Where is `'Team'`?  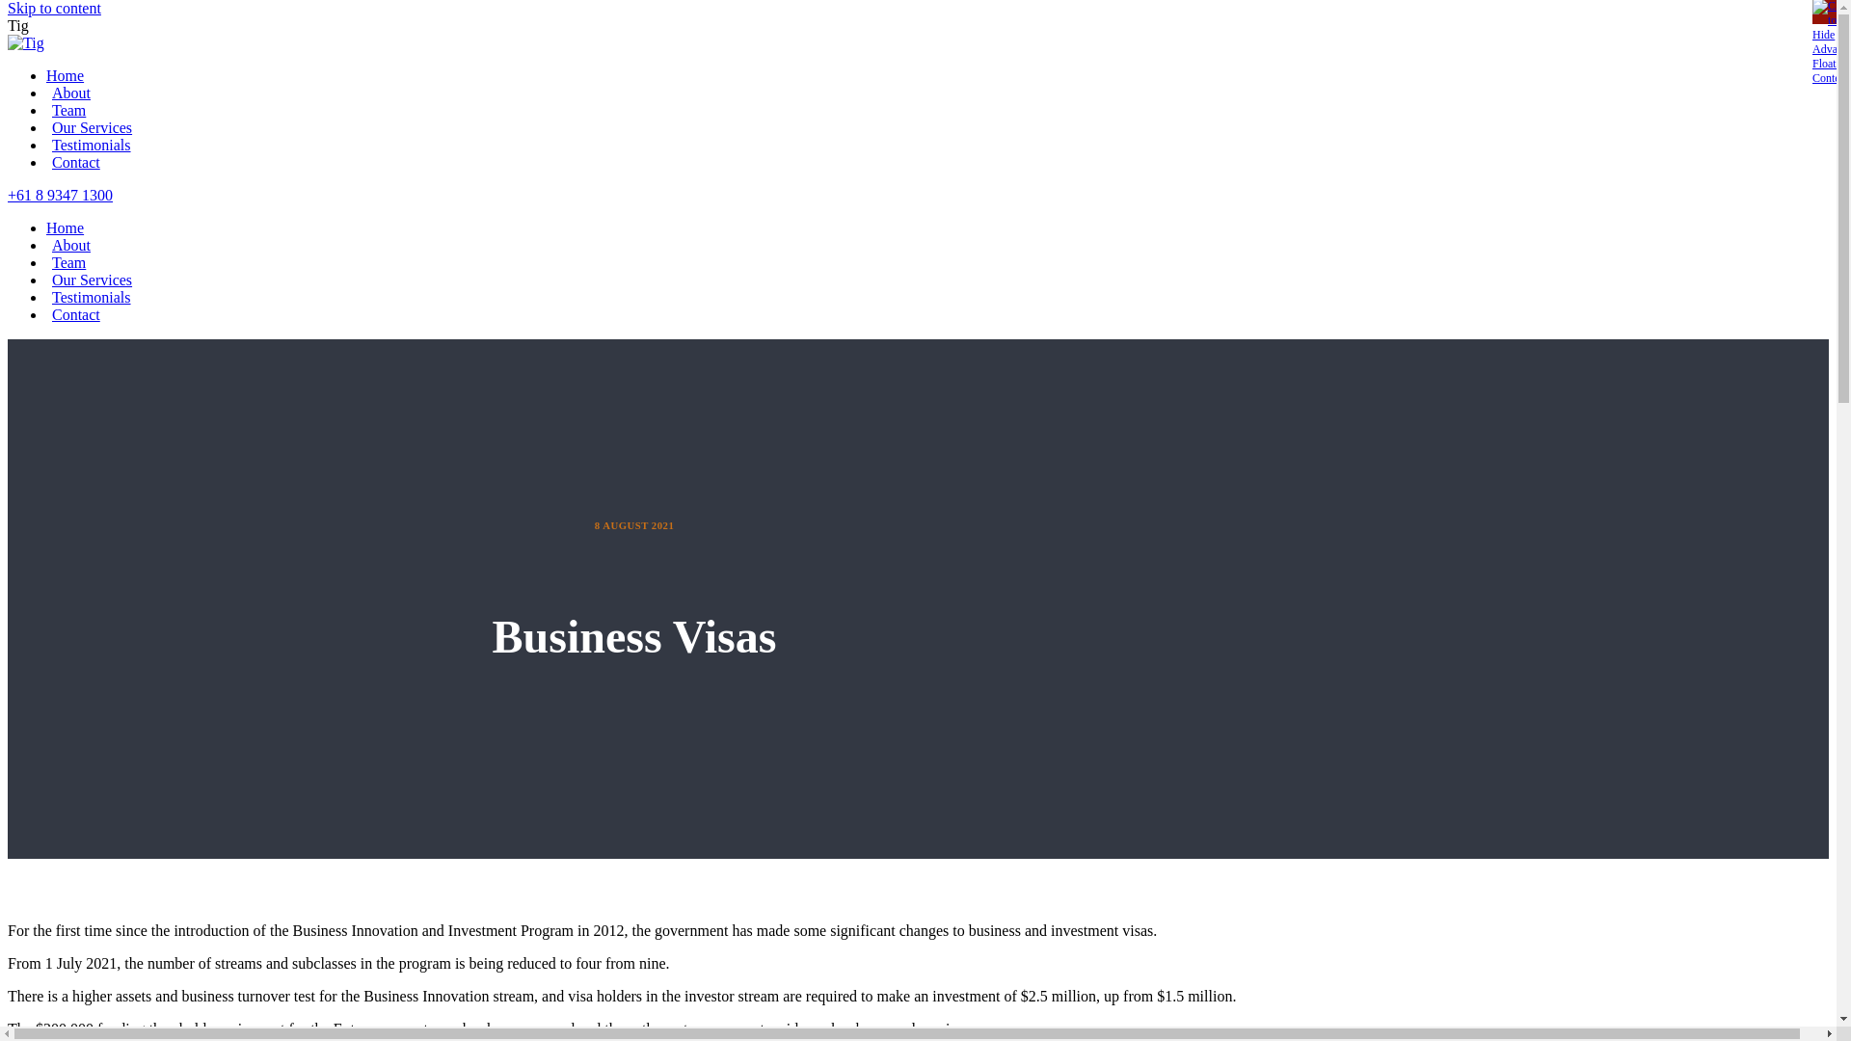
'Team' is located at coordinates (66, 110).